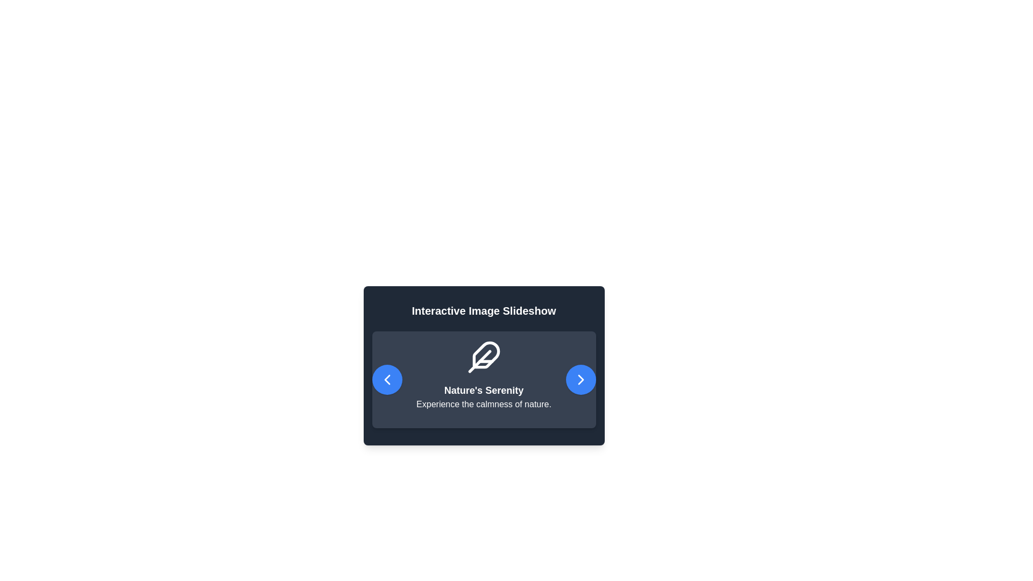 This screenshot has width=1033, height=581. I want to click on the decorative icon representing themes of nature, calmness, or creativity, which is centrally positioned above the headline 'Nature's Serenity', so click(483, 357).